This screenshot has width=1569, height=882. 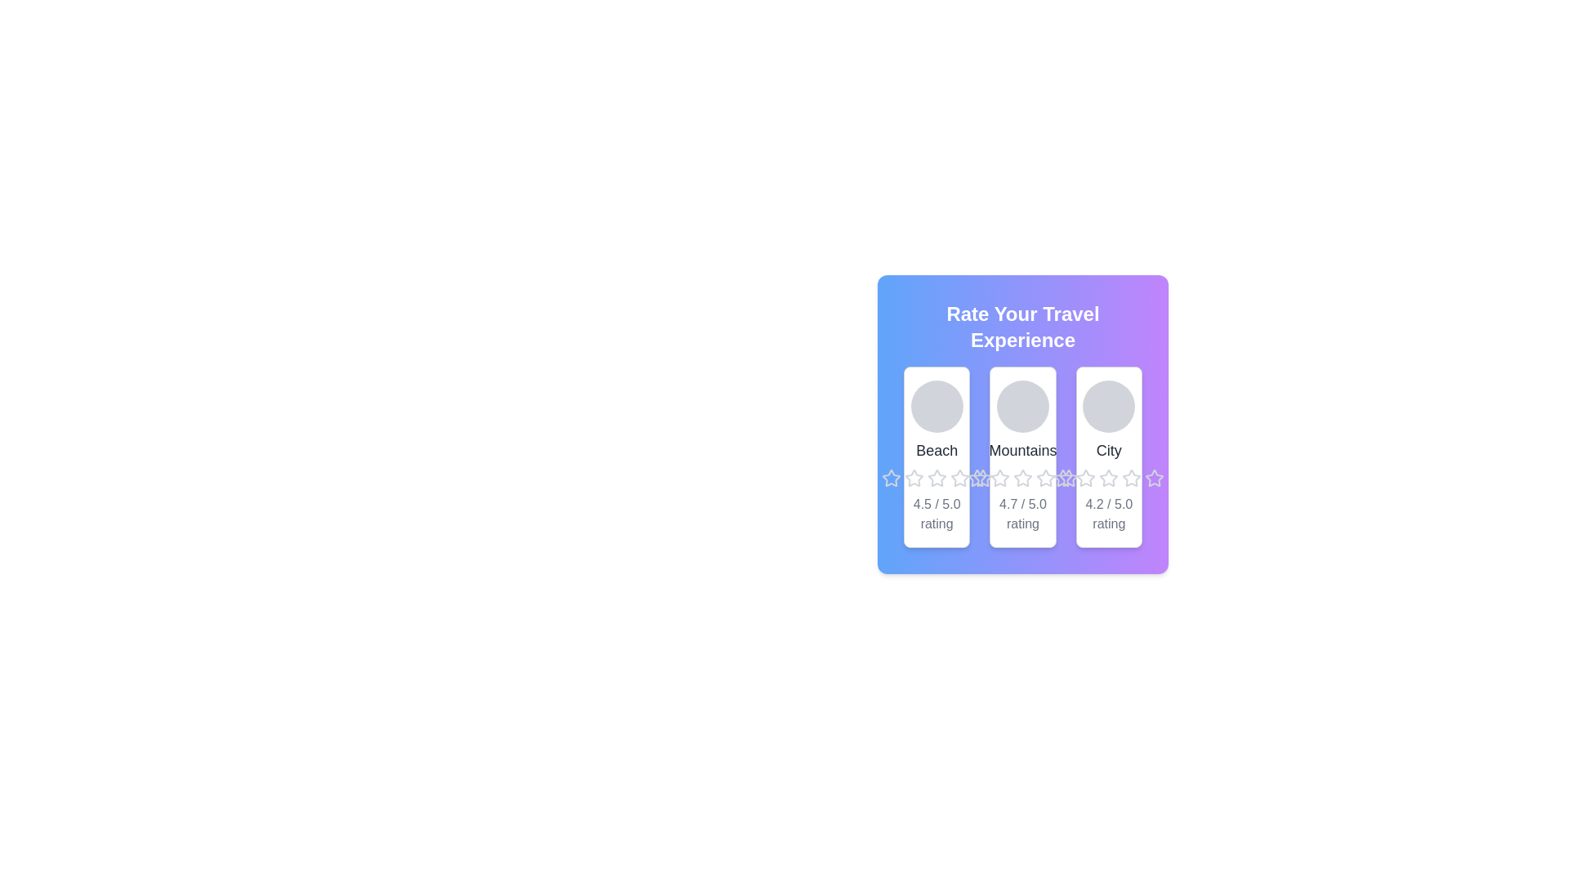 What do you see at coordinates (1109, 478) in the screenshot?
I see `the third star in the star-based rating component located under the 'City' label, which is represented by a horizontal arrangement of five star icons` at bounding box center [1109, 478].